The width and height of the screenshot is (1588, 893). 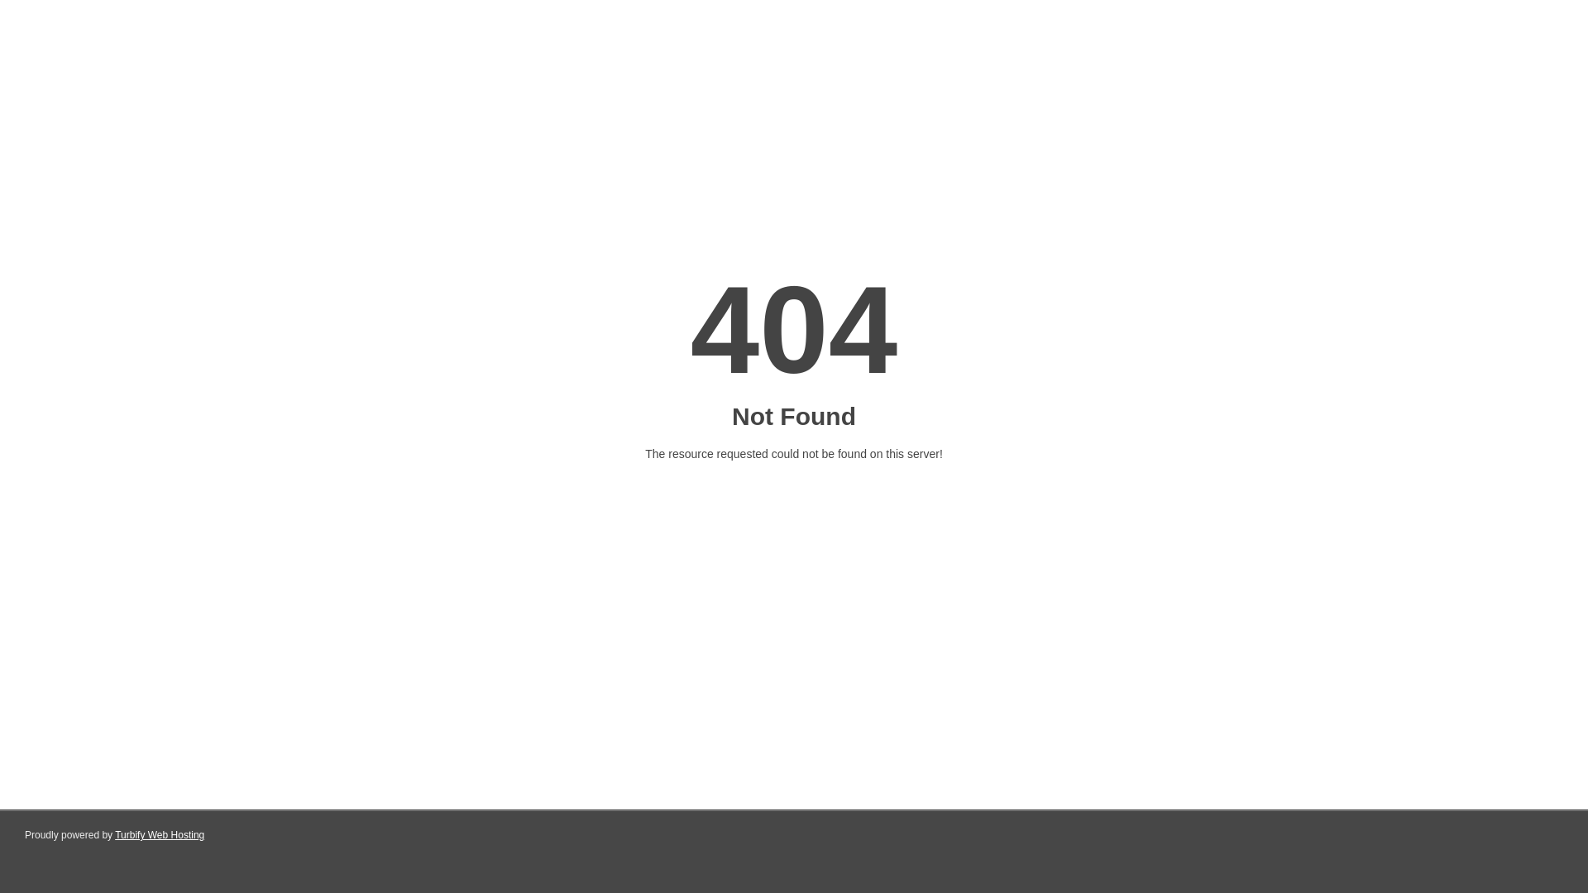 I want to click on 'Turbify Web Hosting', so click(x=114, y=835).